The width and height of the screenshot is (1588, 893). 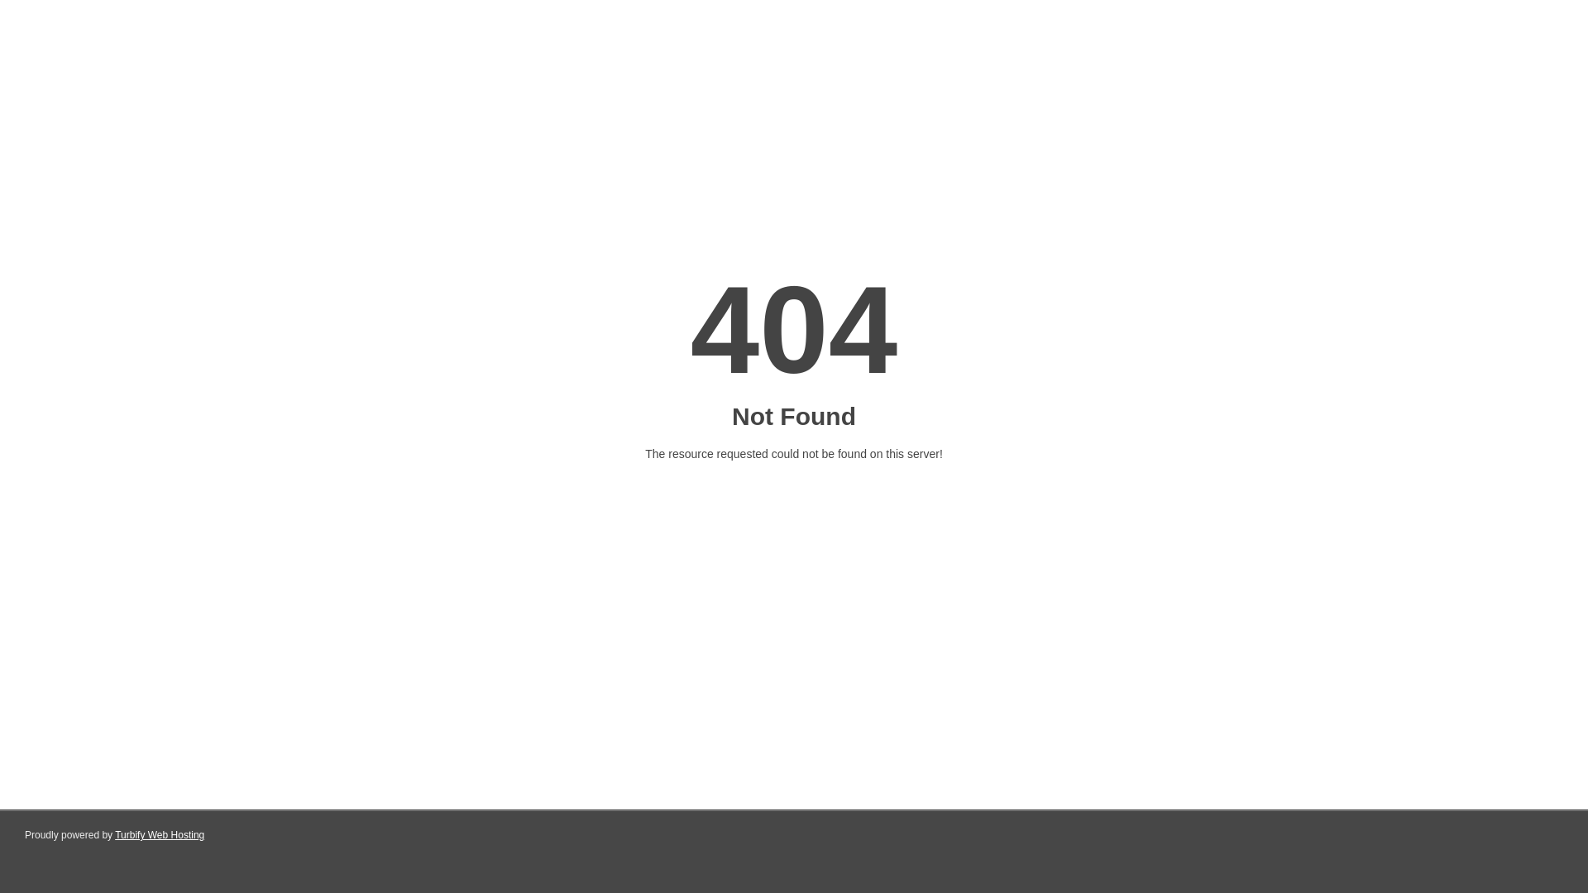 I want to click on 'Turbify Web Hosting', so click(x=114, y=835).